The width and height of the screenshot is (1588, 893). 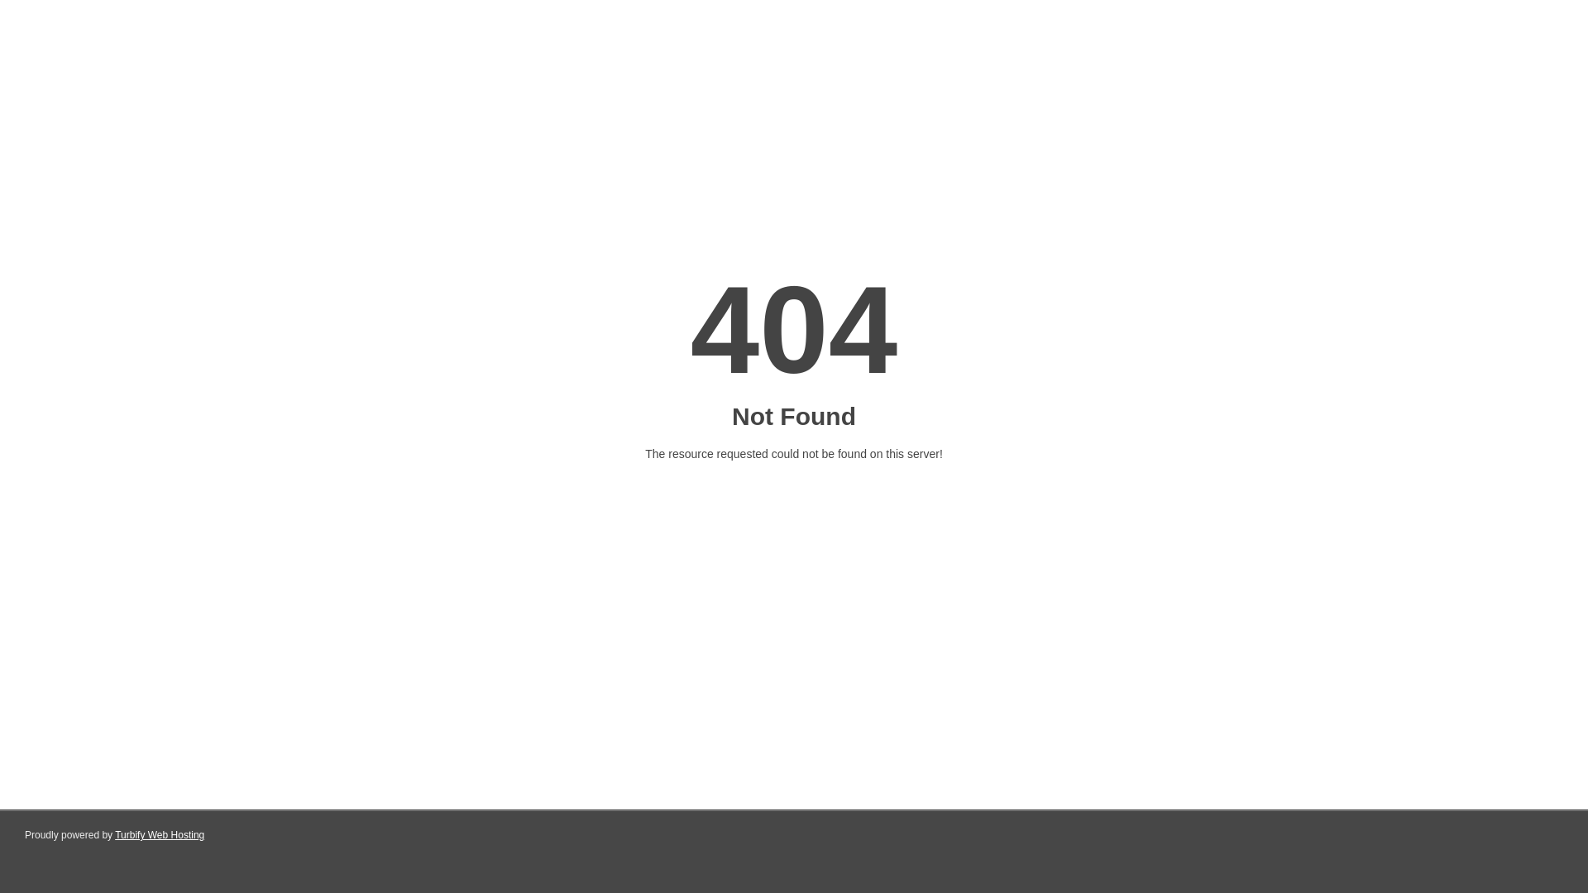 I want to click on 'Turbify Web Hosting', so click(x=114, y=835).